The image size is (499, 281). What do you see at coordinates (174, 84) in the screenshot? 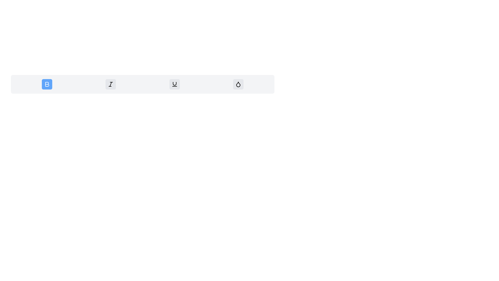
I see `the underlined letter icon button, which is the third icon in a row of icons` at bounding box center [174, 84].